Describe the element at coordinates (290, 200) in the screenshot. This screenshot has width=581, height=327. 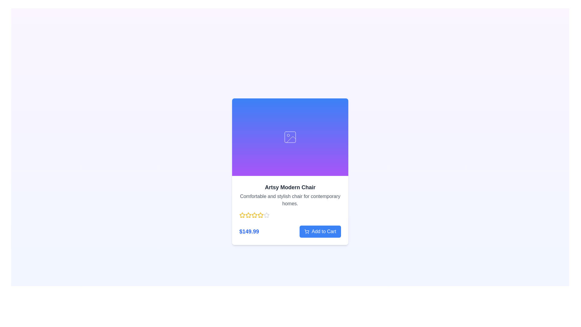
I see `descriptive text element located beneath the title 'Artsy Modern Chair' and above the star rating component` at that location.